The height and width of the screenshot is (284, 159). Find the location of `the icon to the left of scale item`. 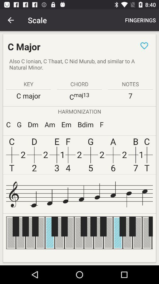

the icon to the left of scale item is located at coordinates (11, 20).